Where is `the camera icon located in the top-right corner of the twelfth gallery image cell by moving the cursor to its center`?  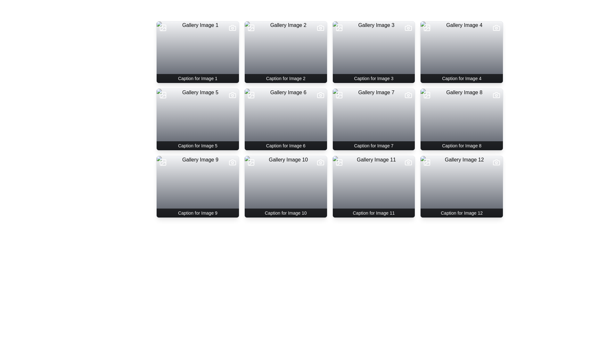
the camera icon located in the top-right corner of the twelfth gallery image cell by moving the cursor to its center is located at coordinates (496, 162).